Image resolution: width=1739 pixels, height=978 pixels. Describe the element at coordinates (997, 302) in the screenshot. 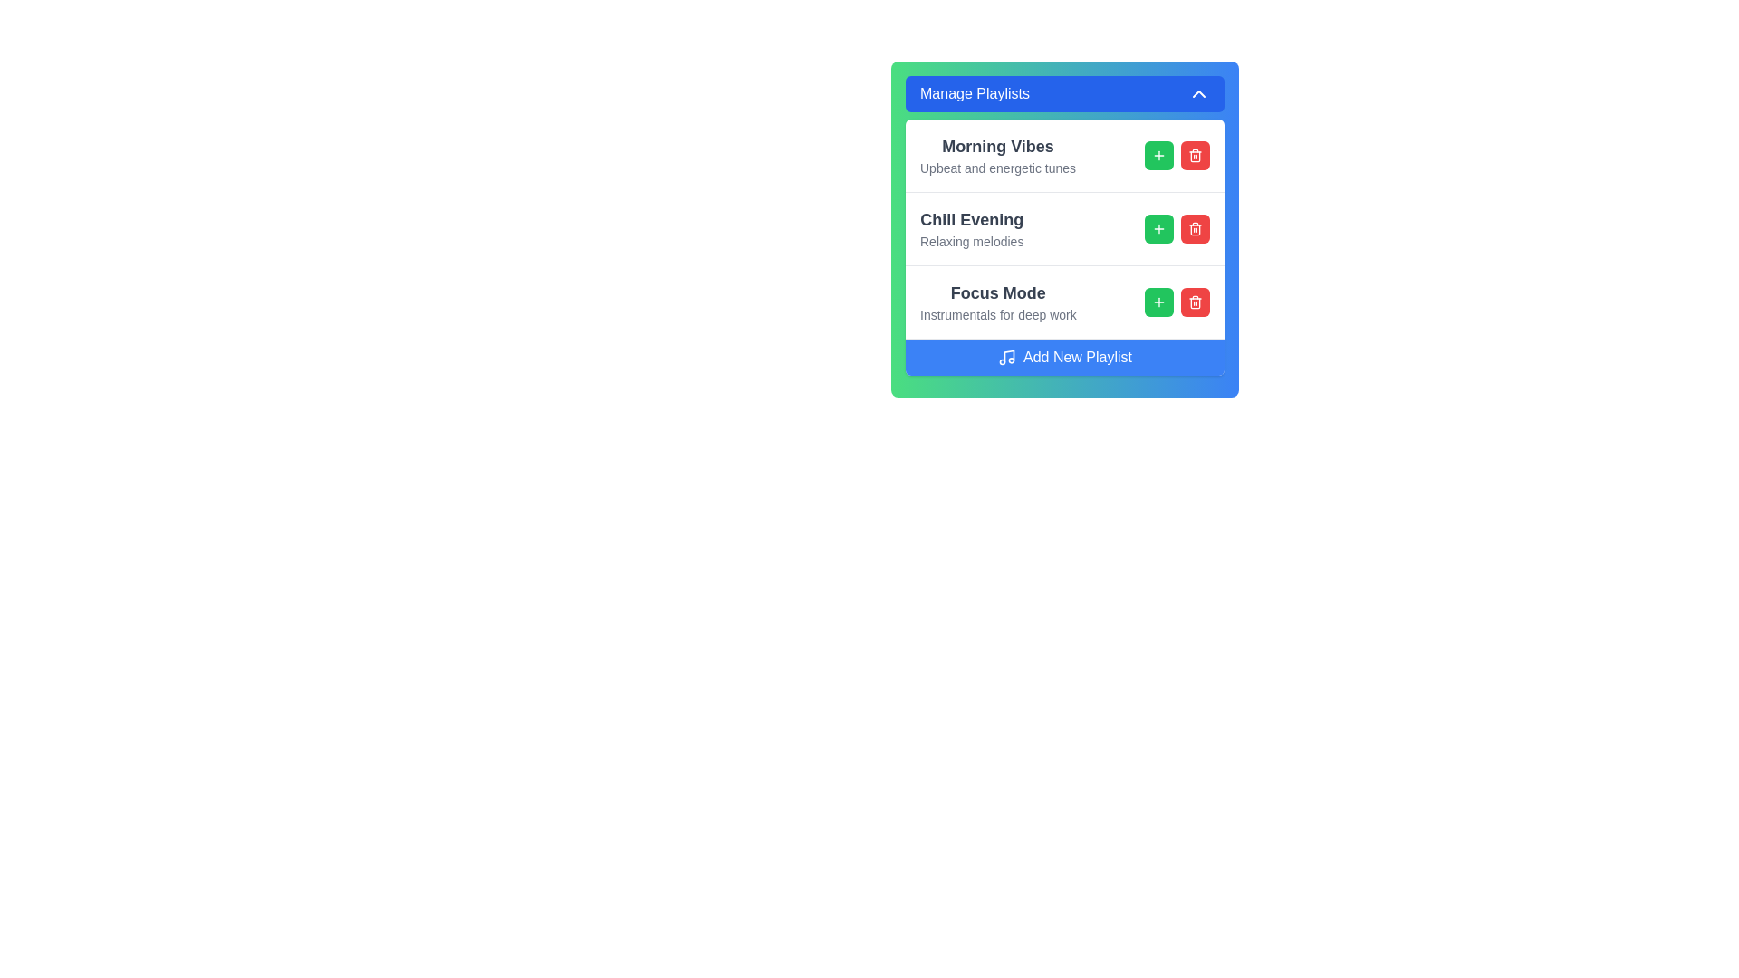

I see `the text block displaying 'Focus Mode' and its subtitle 'Instrumentals for deep work', which is the third item in the vertical playlist section` at that location.